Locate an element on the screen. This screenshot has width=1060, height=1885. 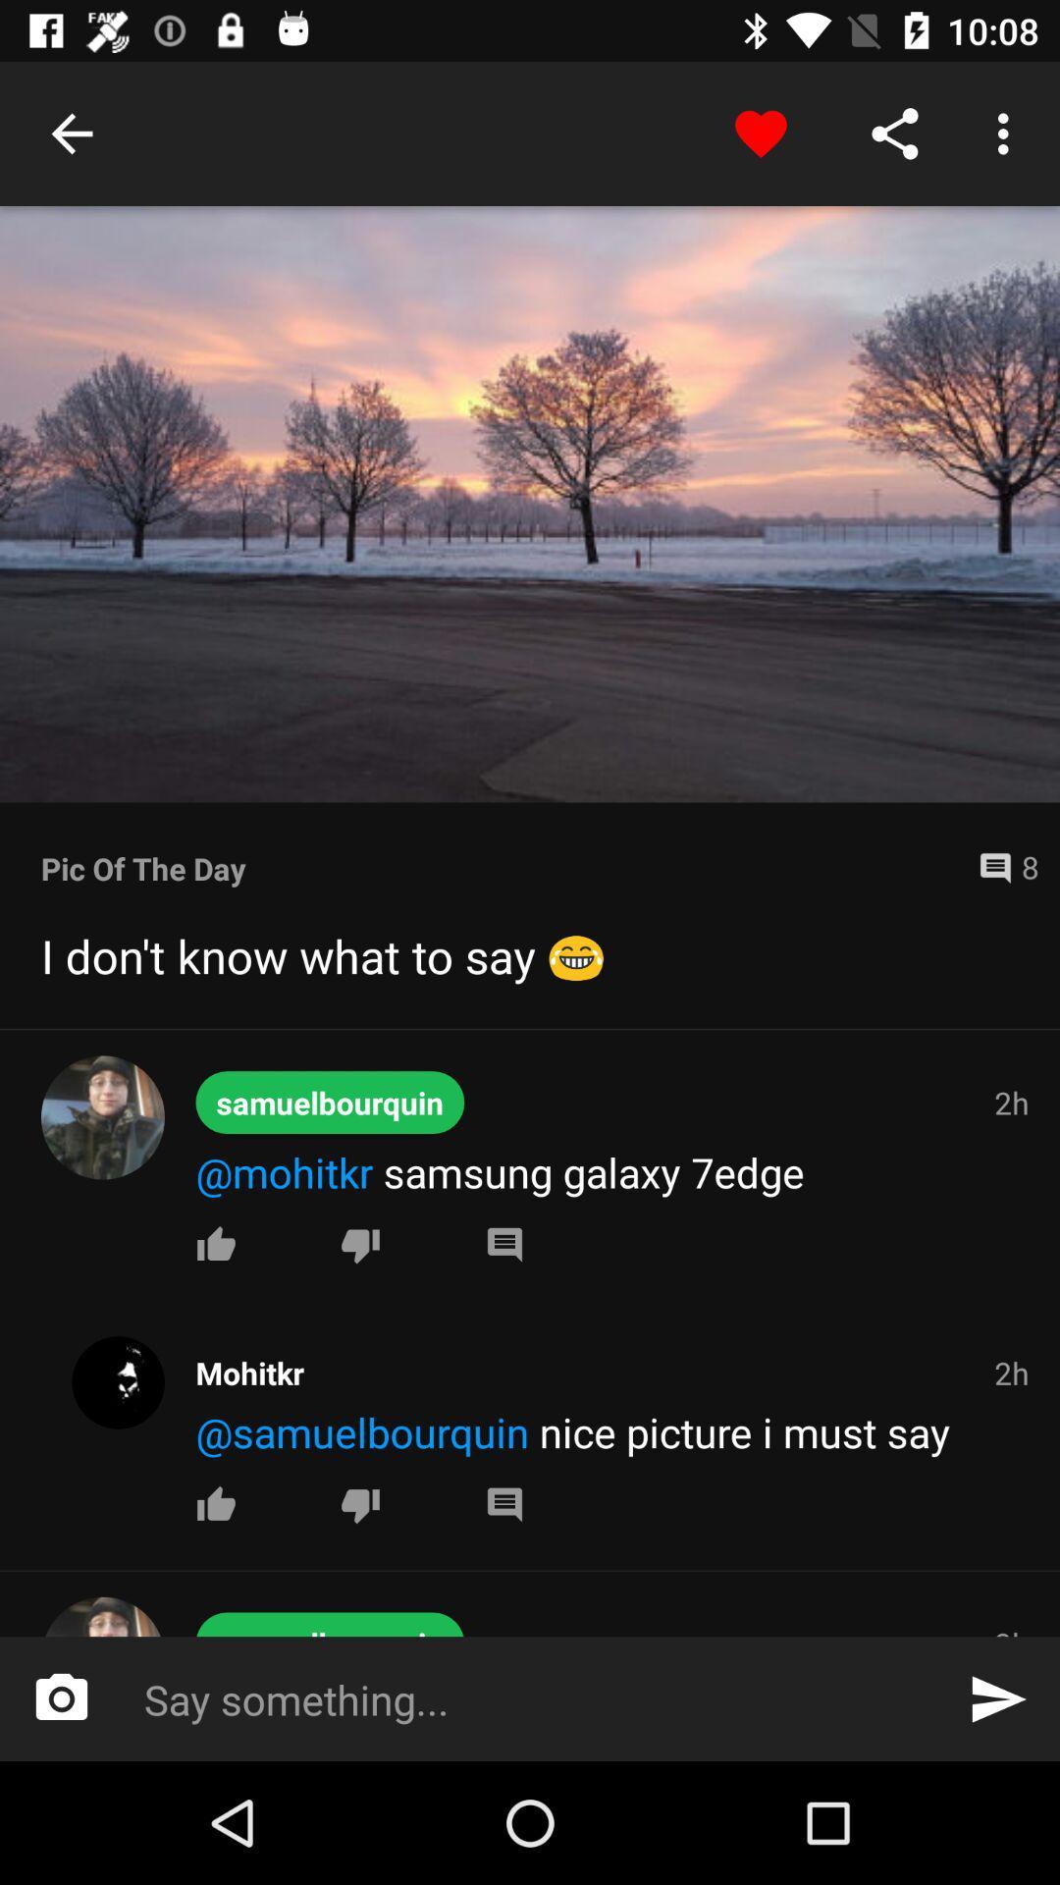
3h icon is located at coordinates (1011, 1630).